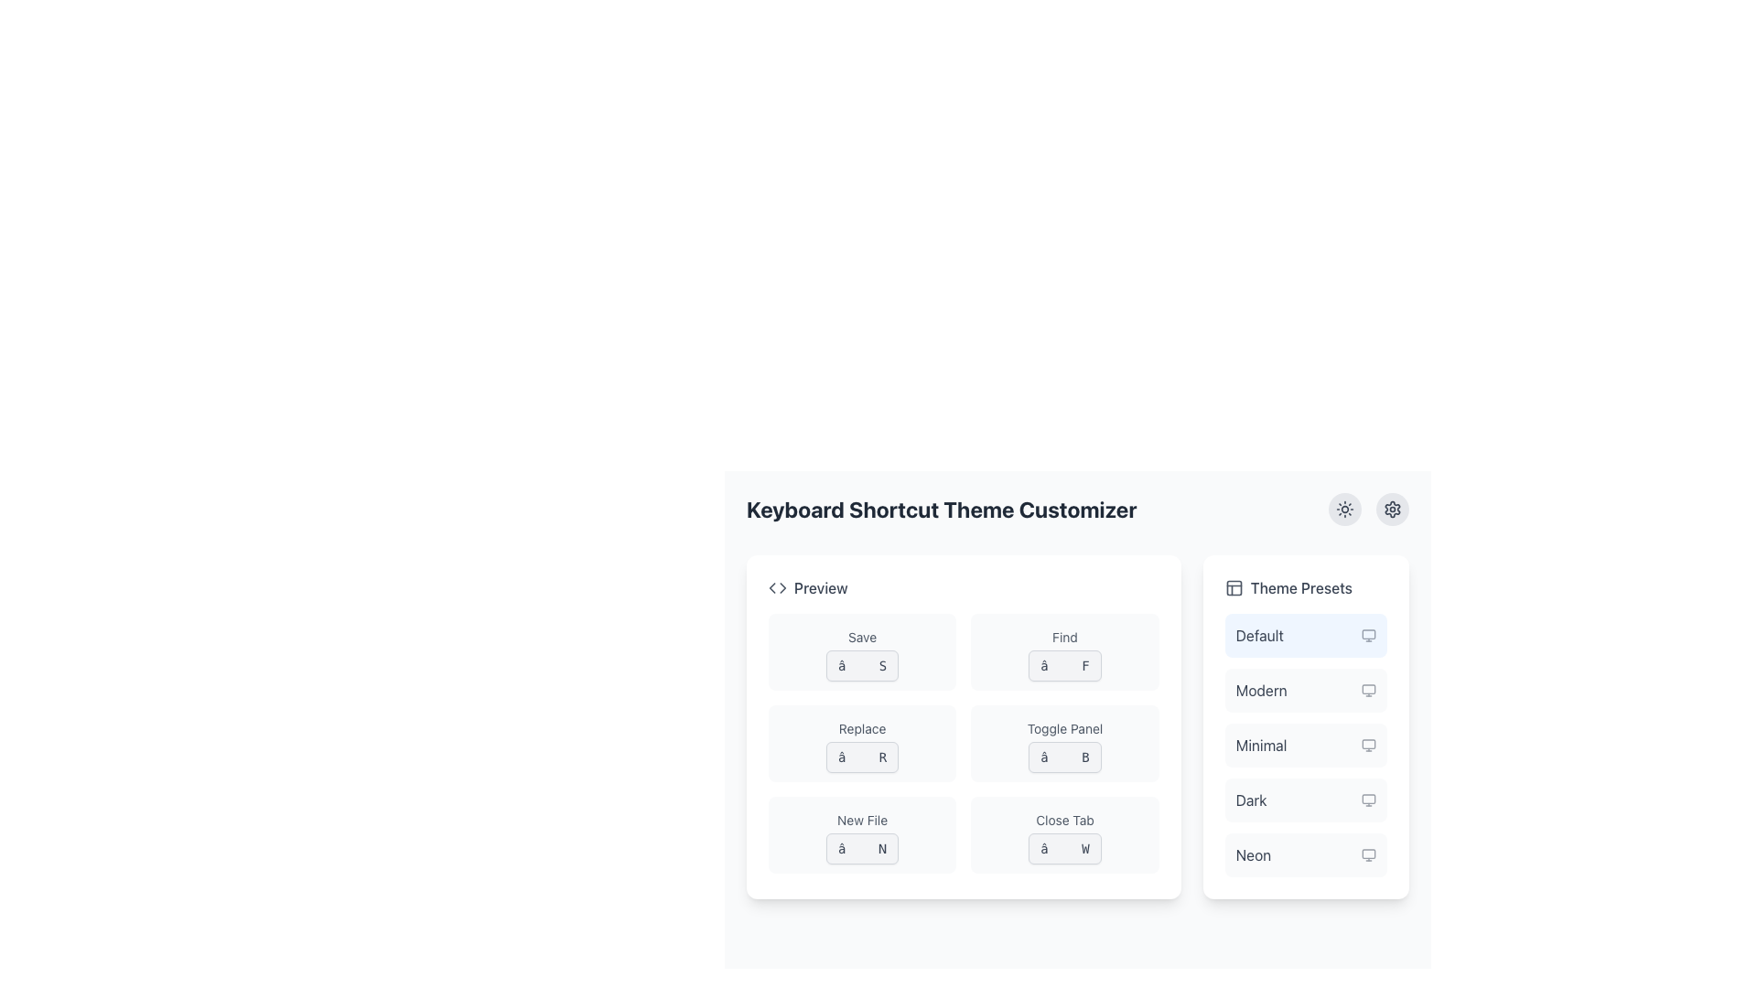  Describe the element at coordinates (1234, 588) in the screenshot. I see `the decorative icon for the 'Theme Presets' section, which is positioned to the left of the 'Theme Presets' title` at that location.